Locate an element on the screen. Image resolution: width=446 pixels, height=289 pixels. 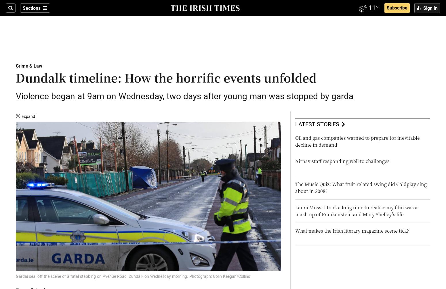
'Sign In' is located at coordinates (430, 8).